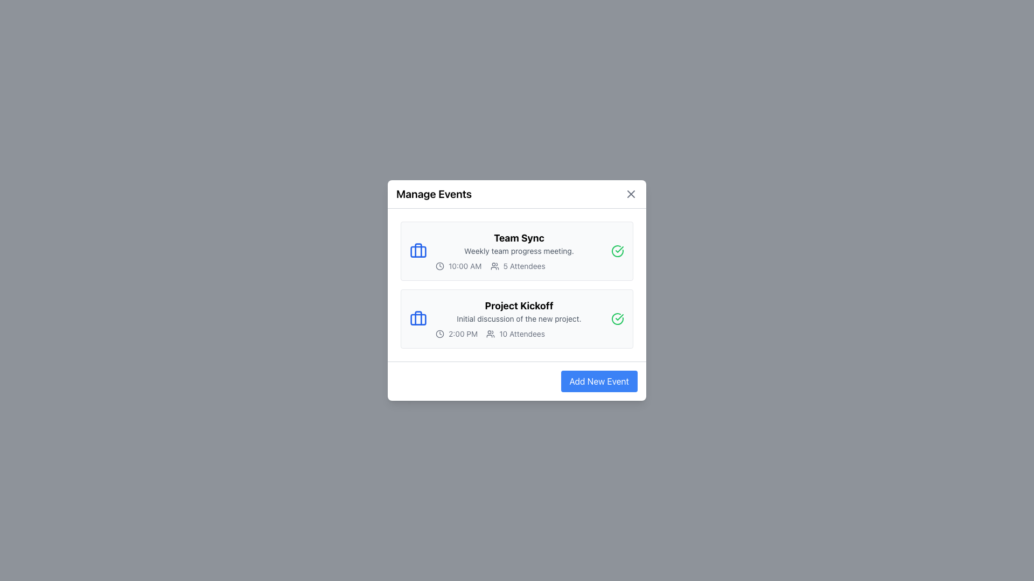 This screenshot has width=1034, height=581. I want to click on the decorative vector rectangle element within the briefcase icon, located to the left of the text 'Project Kickoff' in the 'Manage Events' dialog, so click(418, 251).